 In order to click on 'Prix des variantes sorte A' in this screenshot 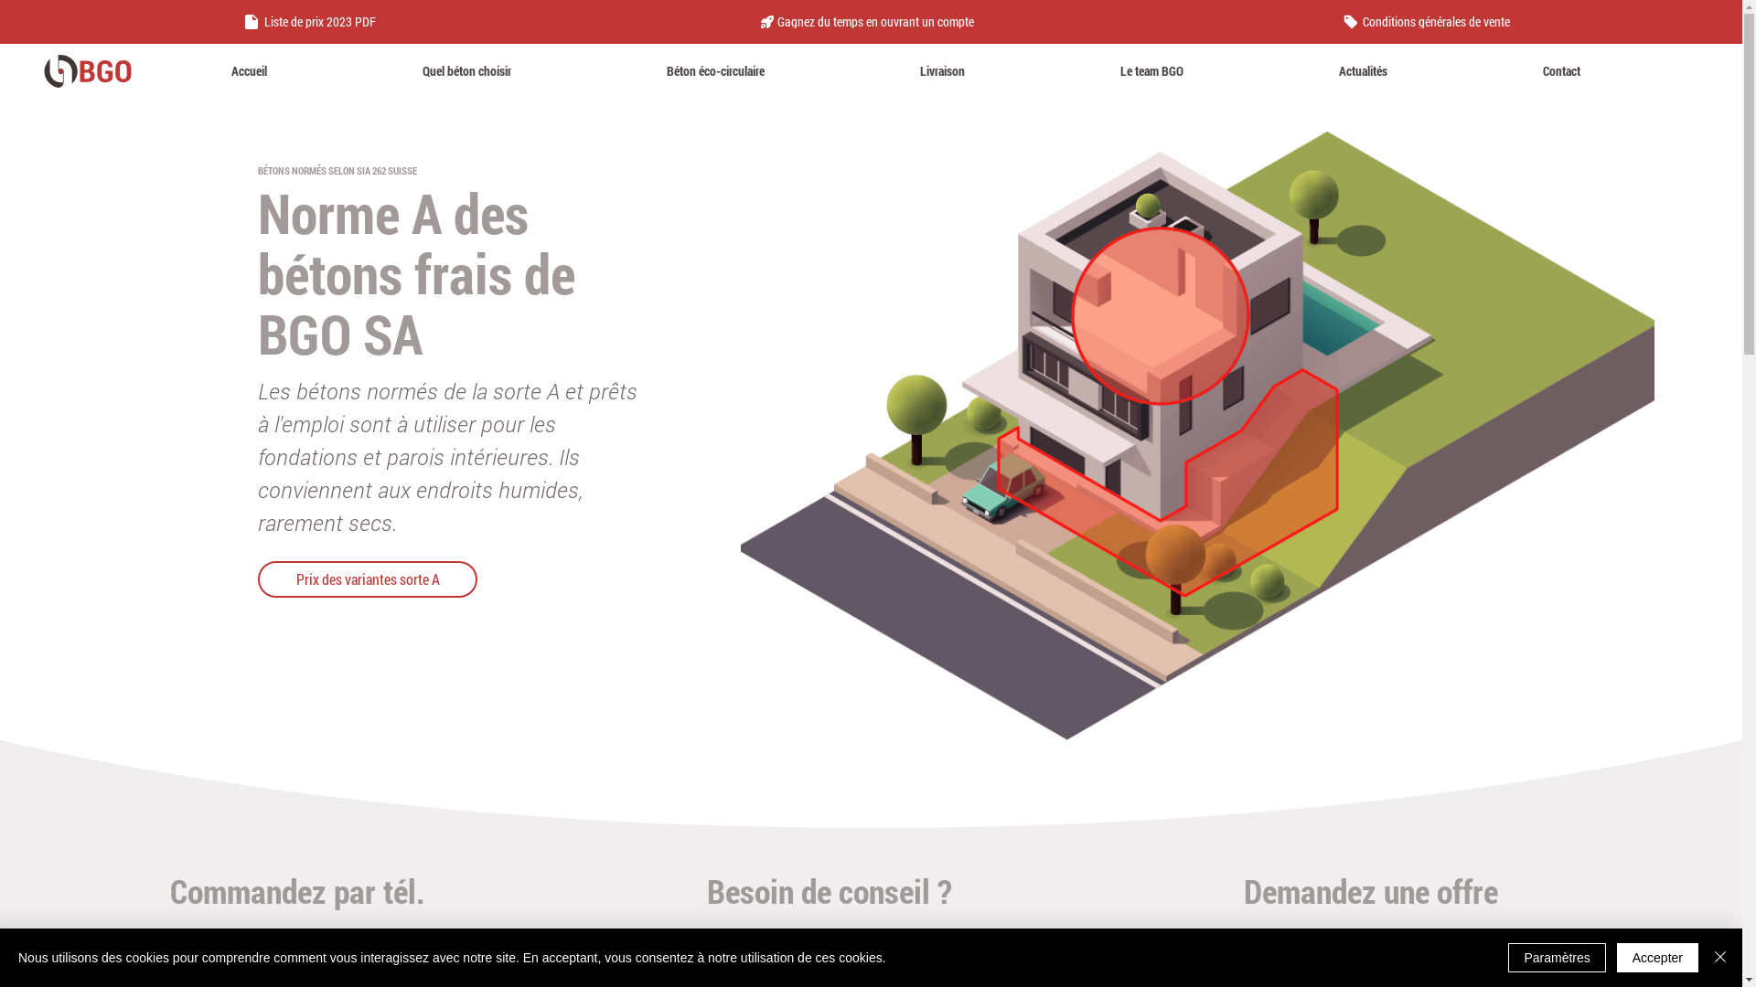, I will do `click(367, 578)`.